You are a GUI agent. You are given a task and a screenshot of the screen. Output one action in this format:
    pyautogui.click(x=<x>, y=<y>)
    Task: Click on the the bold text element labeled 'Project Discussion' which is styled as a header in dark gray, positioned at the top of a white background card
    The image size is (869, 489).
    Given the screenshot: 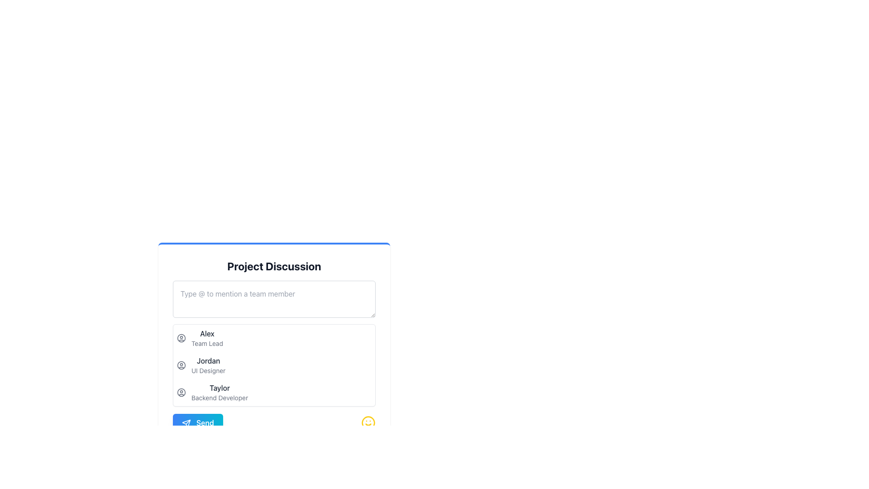 What is the action you would take?
    pyautogui.click(x=273, y=265)
    